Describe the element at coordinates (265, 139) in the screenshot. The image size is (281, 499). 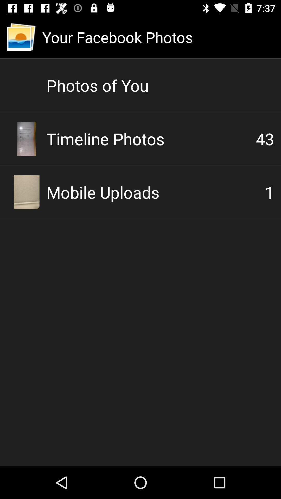
I see `the item below the photos of you` at that location.